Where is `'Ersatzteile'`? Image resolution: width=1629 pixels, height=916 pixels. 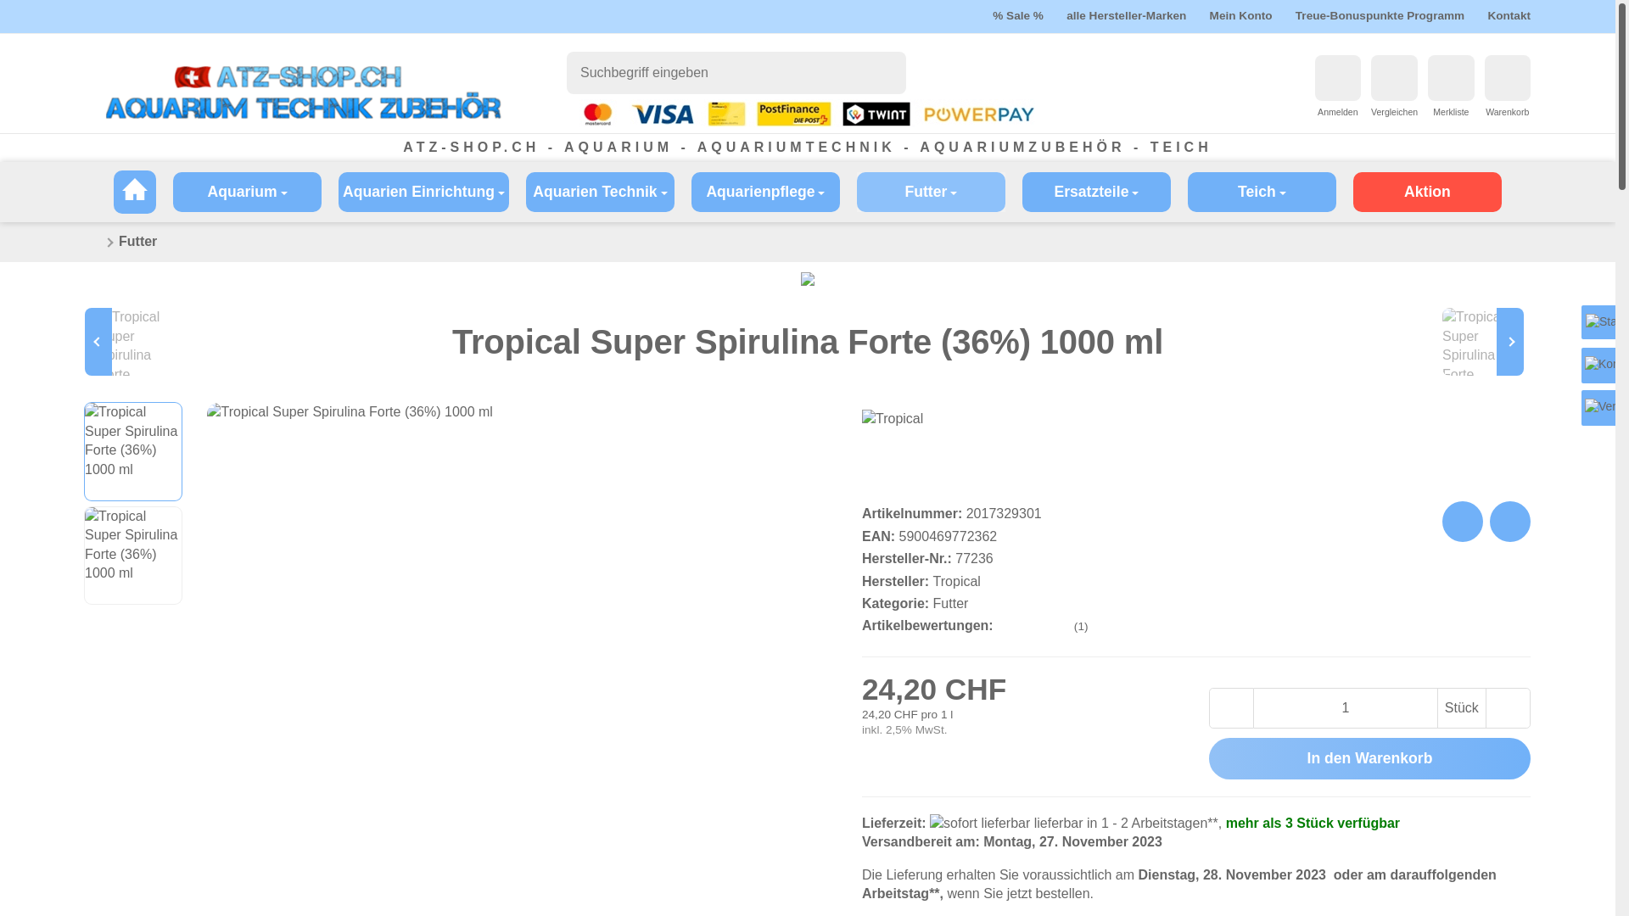
'Ersatzteile' is located at coordinates (1021, 191).